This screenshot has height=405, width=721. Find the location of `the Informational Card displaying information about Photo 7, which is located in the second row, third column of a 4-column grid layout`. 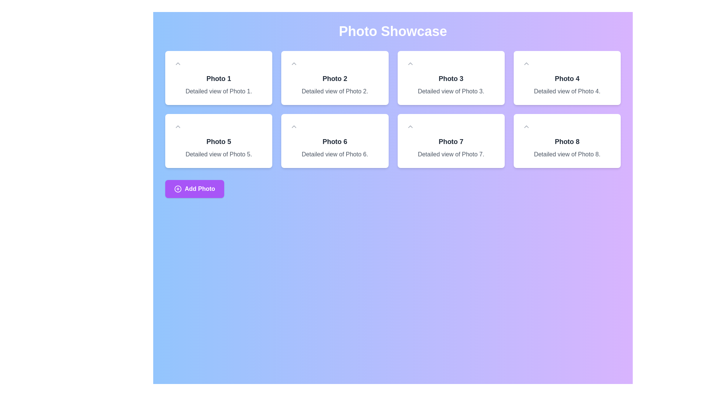

the Informational Card displaying information about Photo 7, which is located in the second row, third column of a 4-column grid layout is located at coordinates (451, 141).